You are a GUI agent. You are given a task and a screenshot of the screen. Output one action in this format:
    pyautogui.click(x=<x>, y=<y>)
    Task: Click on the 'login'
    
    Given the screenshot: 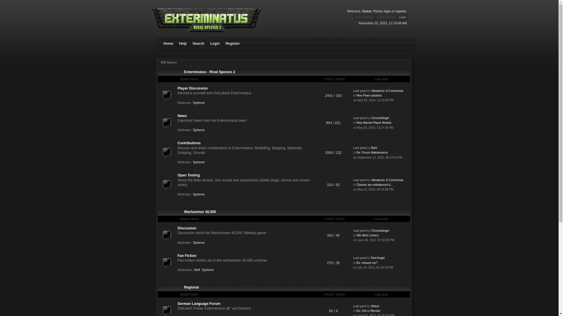 What is the action you would take?
    pyautogui.click(x=387, y=11)
    